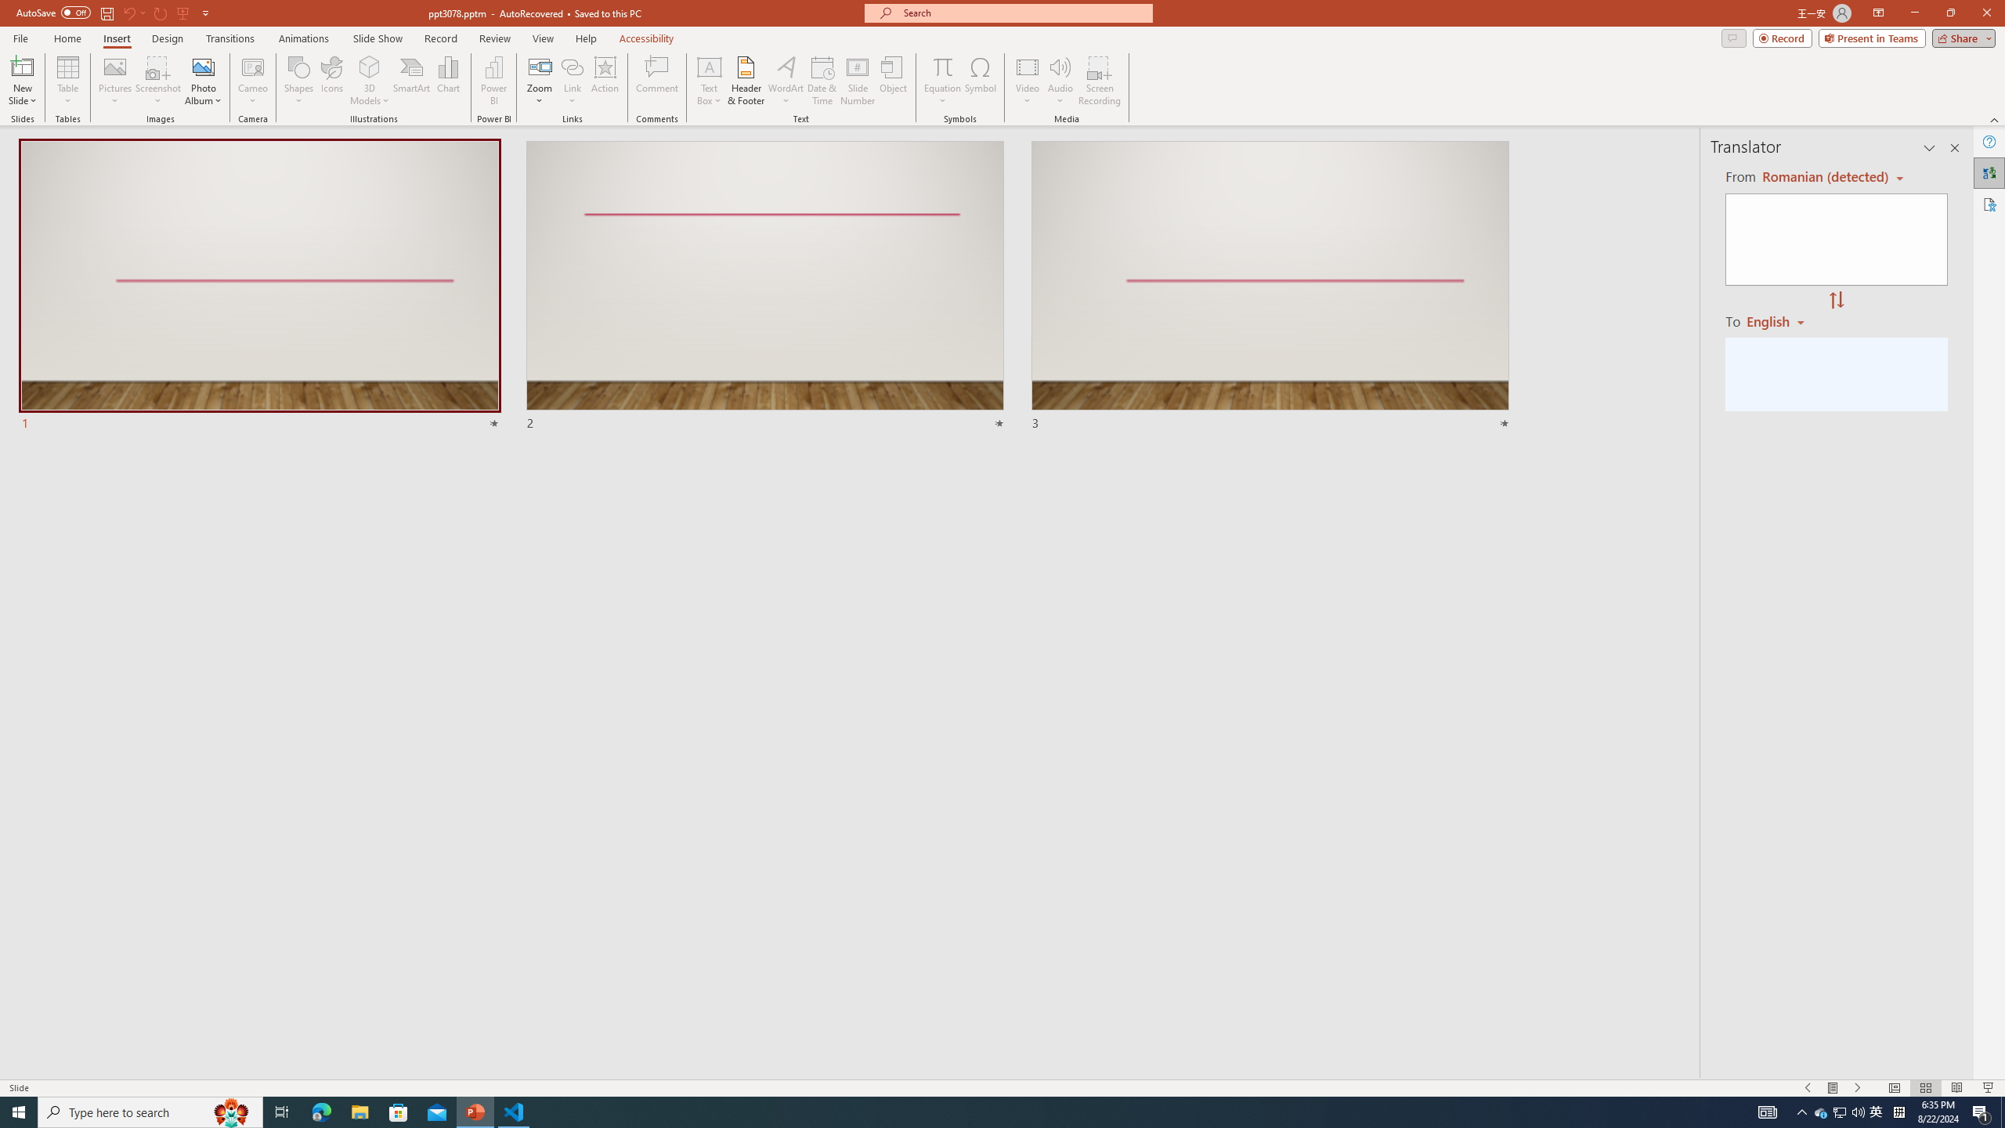 This screenshot has width=2005, height=1128. Describe the element at coordinates (1833, 1088) in the screenshot. I see `'Menu On'` at that location.